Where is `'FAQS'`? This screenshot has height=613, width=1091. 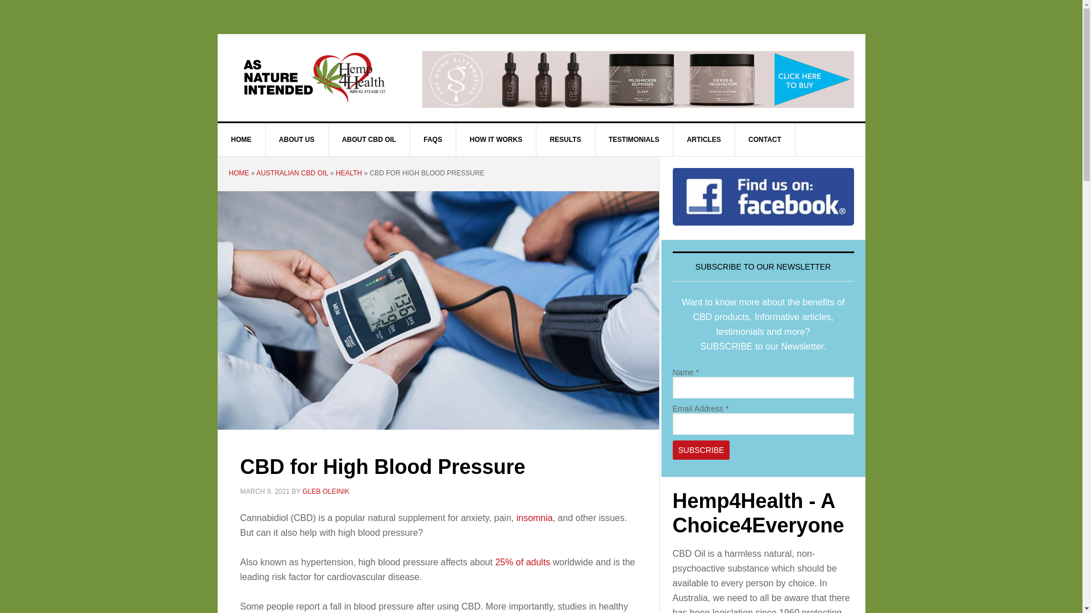 'FAQS' is located at coordinates (433, 139).